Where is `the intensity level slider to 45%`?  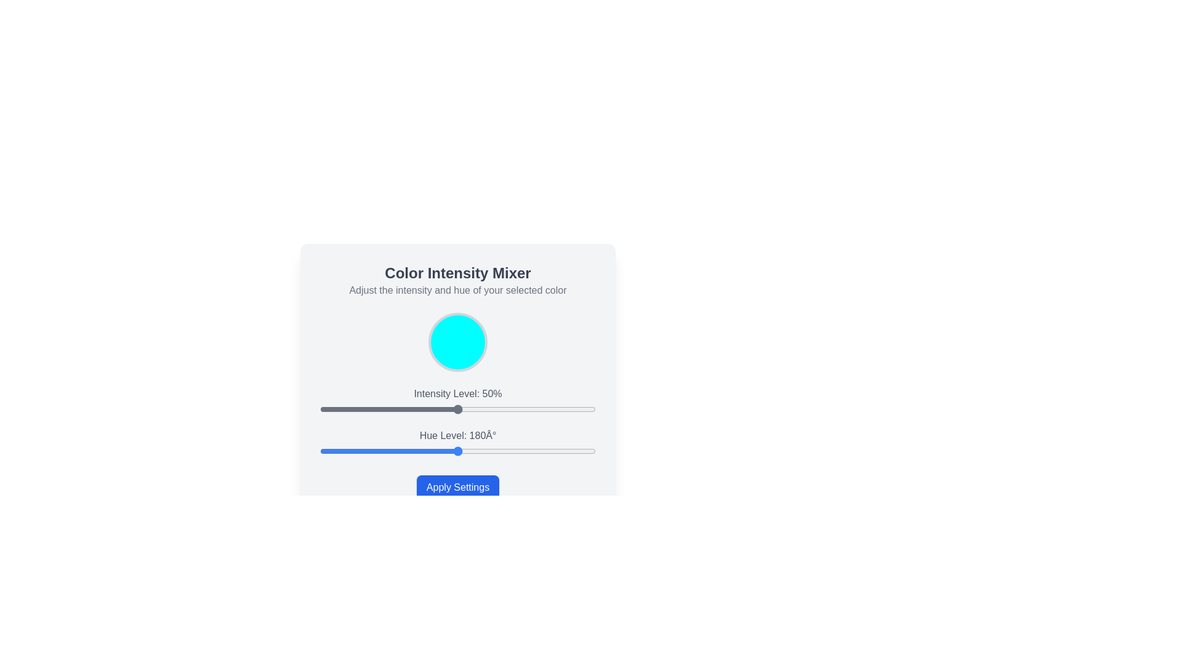
the intensity level slider to 45% is located at coordinates (443, 409).